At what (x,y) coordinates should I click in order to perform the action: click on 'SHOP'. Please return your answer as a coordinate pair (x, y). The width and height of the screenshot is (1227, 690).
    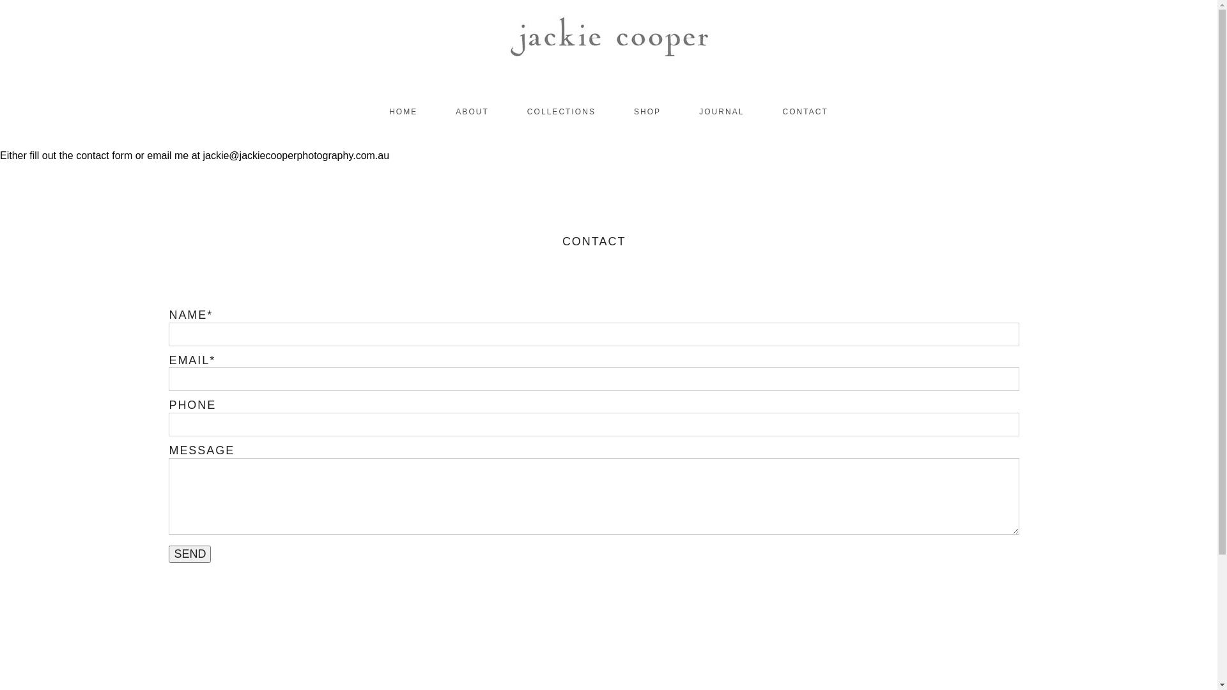
    Looking at the image, I should click on (634, 111).